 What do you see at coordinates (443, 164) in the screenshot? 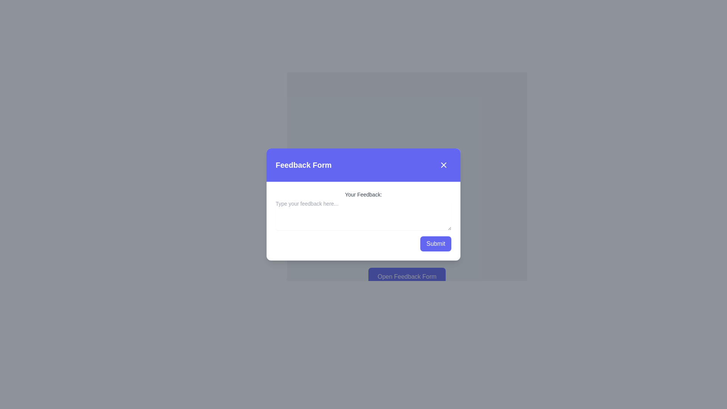
I see `the close button located at the top-right corner of the 'Feedback Form' dialog` at bounding box center [443, 164].